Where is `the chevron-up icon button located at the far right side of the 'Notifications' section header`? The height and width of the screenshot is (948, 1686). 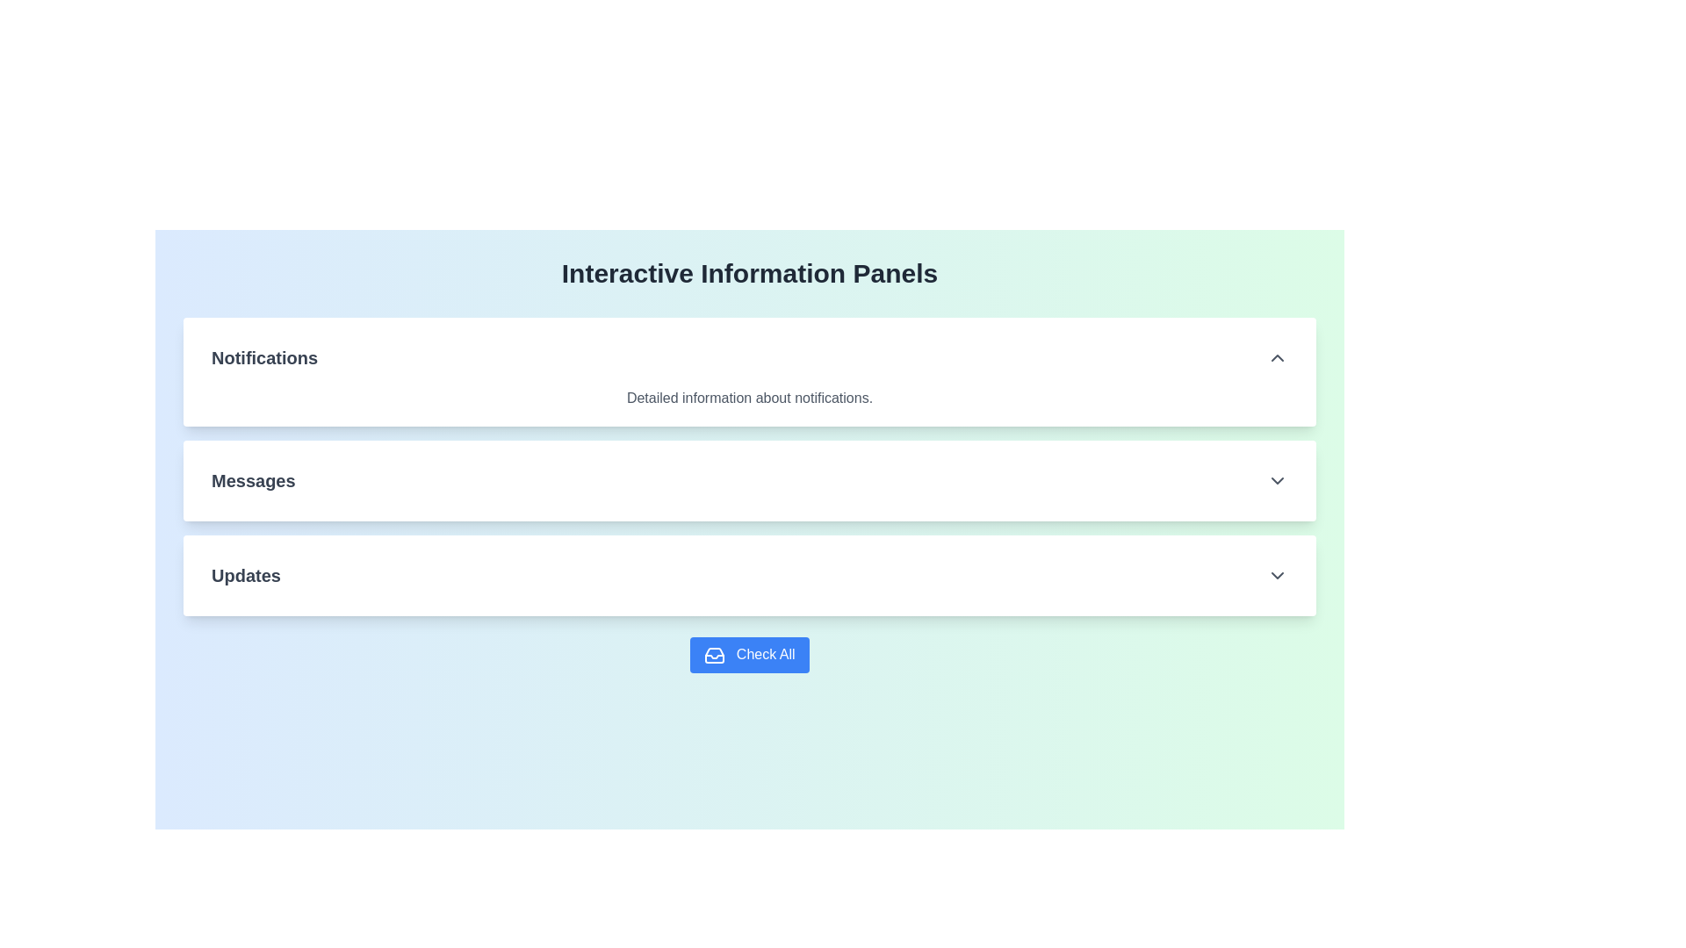 the chevron-up icon button located at the far right side of the 'Notifications' section header is located at coordinates (1277, 357).